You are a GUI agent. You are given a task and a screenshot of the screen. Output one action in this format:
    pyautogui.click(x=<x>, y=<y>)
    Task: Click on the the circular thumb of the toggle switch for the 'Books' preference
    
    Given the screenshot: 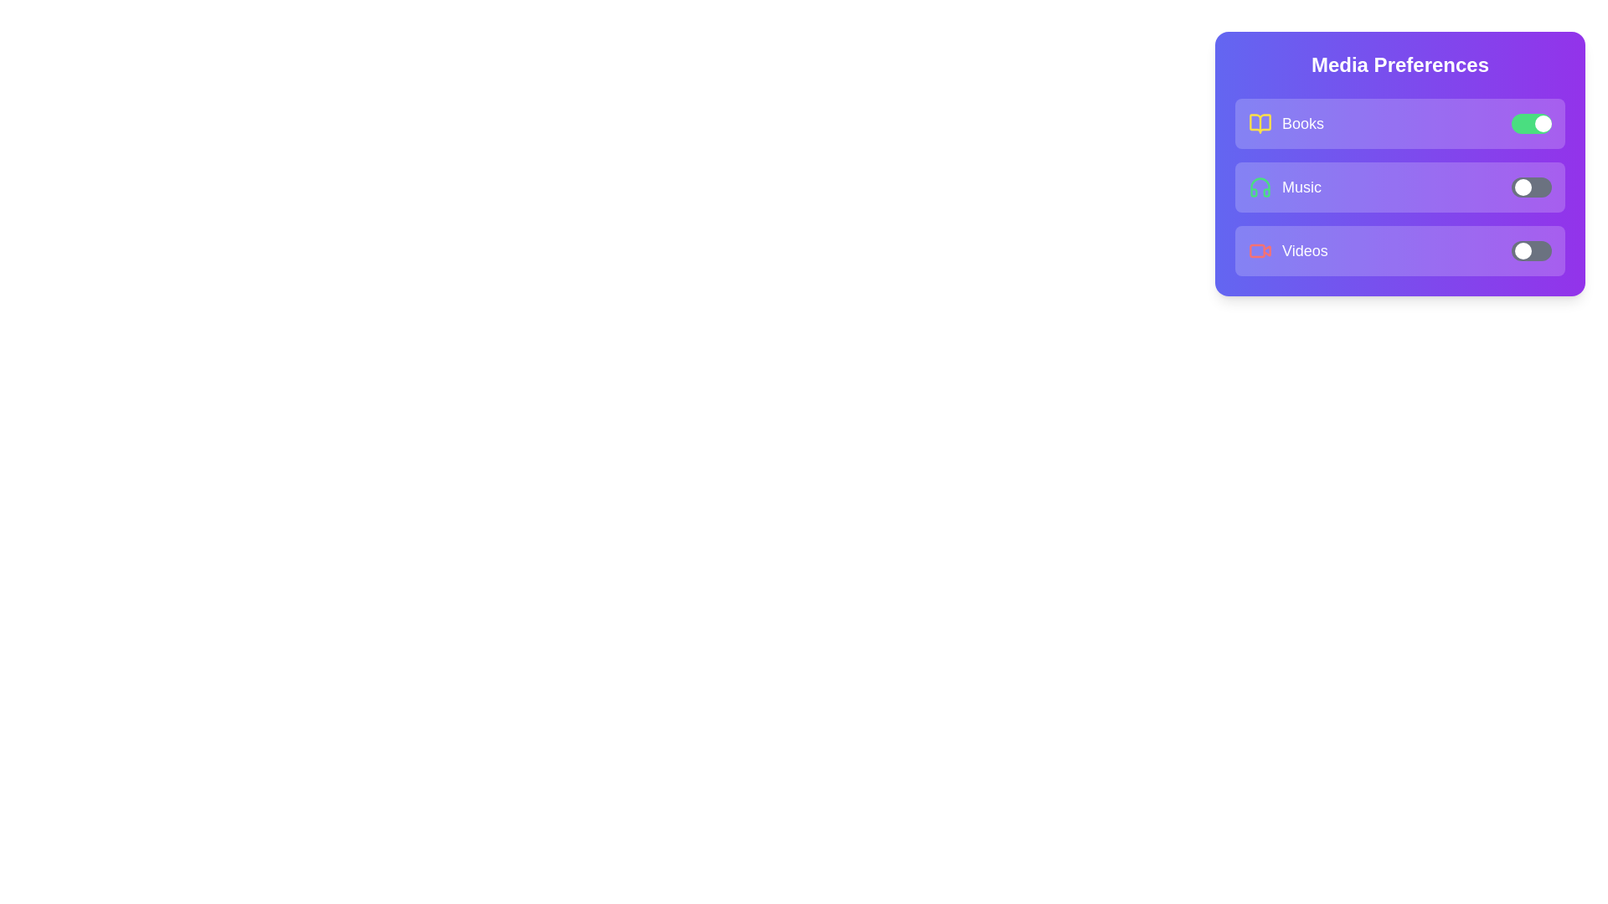 What is the action you would take?
    pyautogui.click(x=1543, y=122)
    